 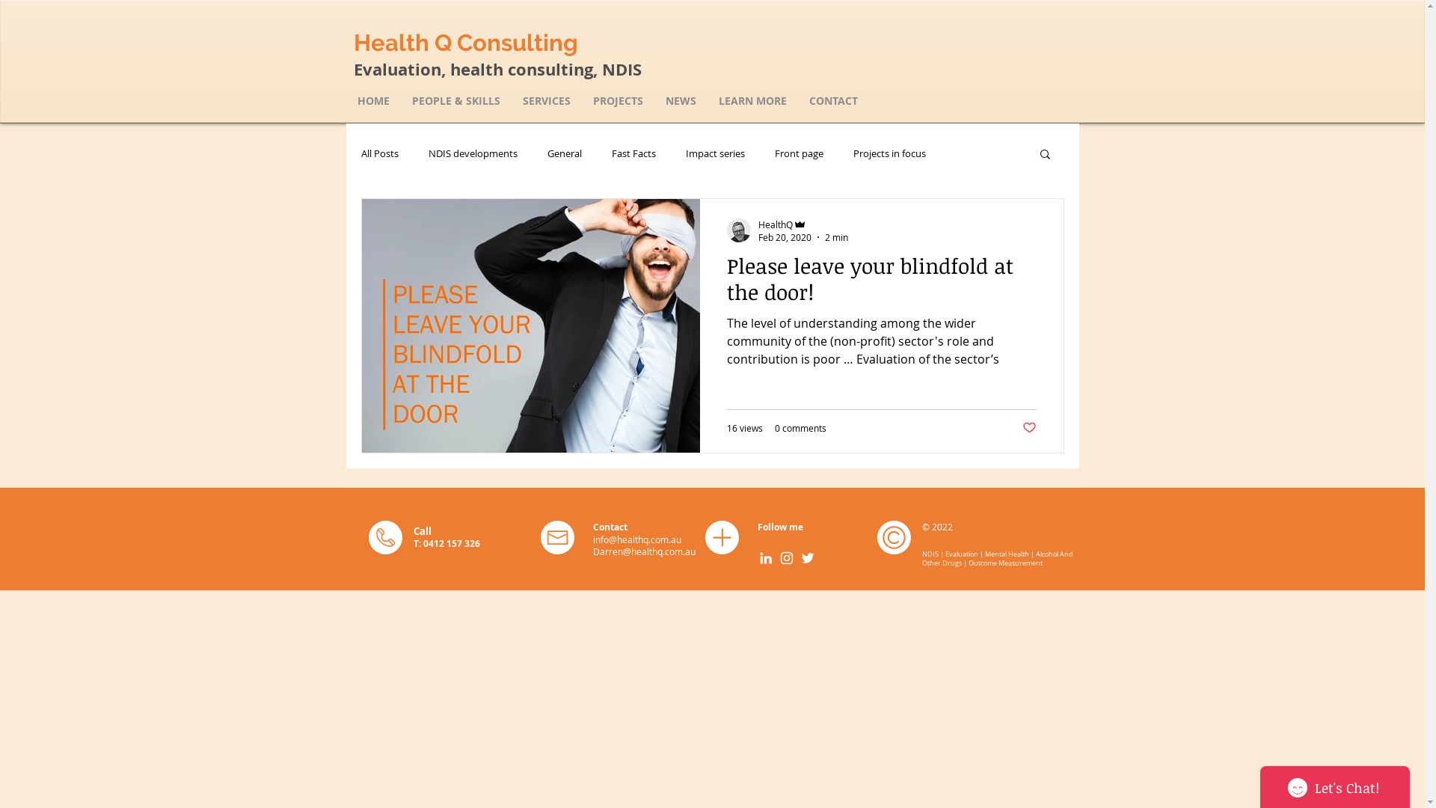 I want to click on 'info@healthq.com.au', so click(x=636, y=539).